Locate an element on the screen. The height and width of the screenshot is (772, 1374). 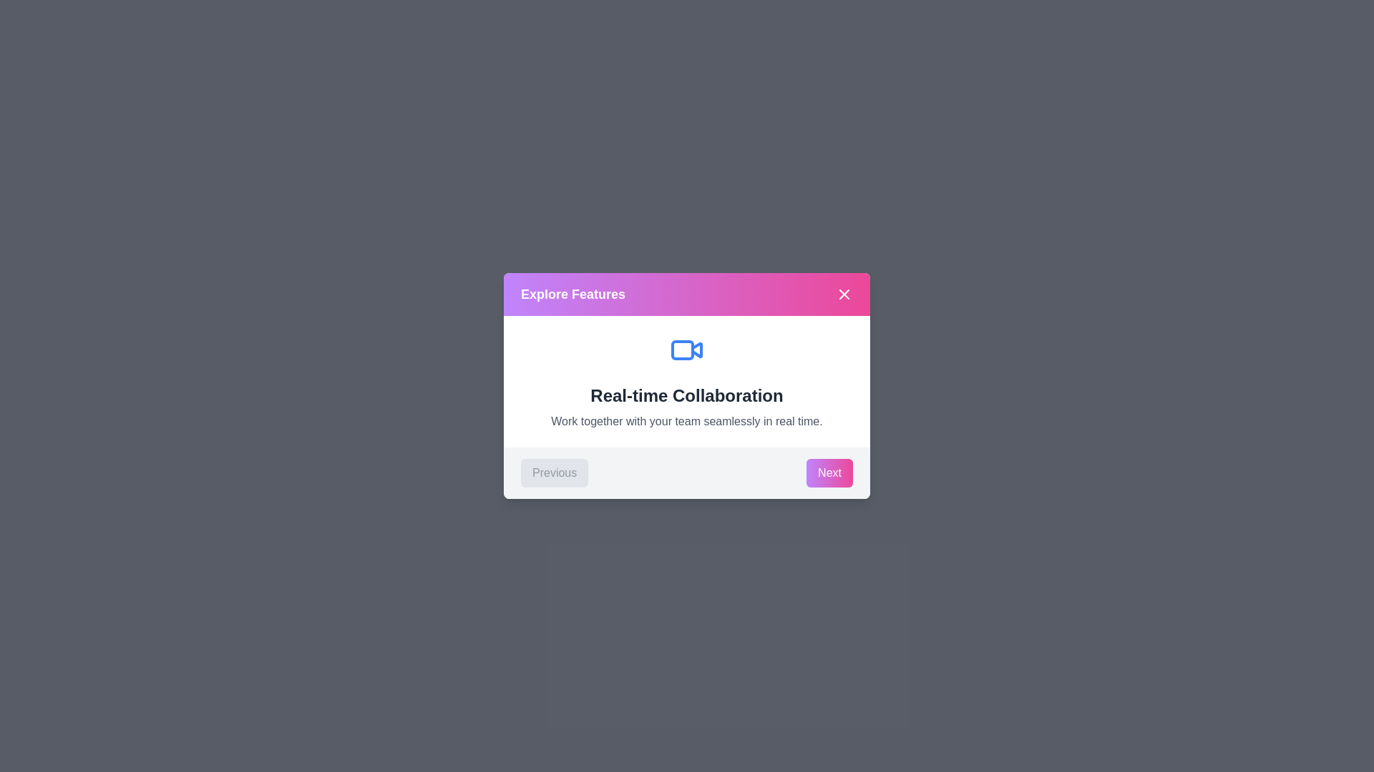
the video-related functionality icon located within the modal, positioned between the title 'Explore Features' and the heading 'Real-time Collaboration' is located at coordinates (687, 350).